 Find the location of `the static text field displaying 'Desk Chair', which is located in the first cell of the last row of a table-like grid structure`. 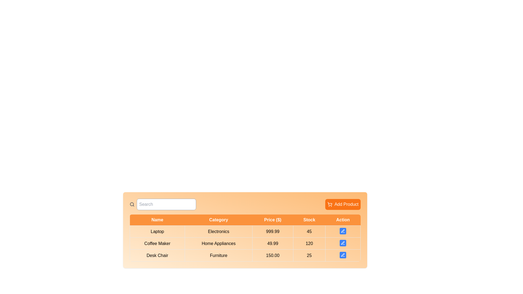

the static text field displaying 'Desk Chair', which is located in the first cell of the last row of a table-like grid structure is located at coordinates (157, 255).